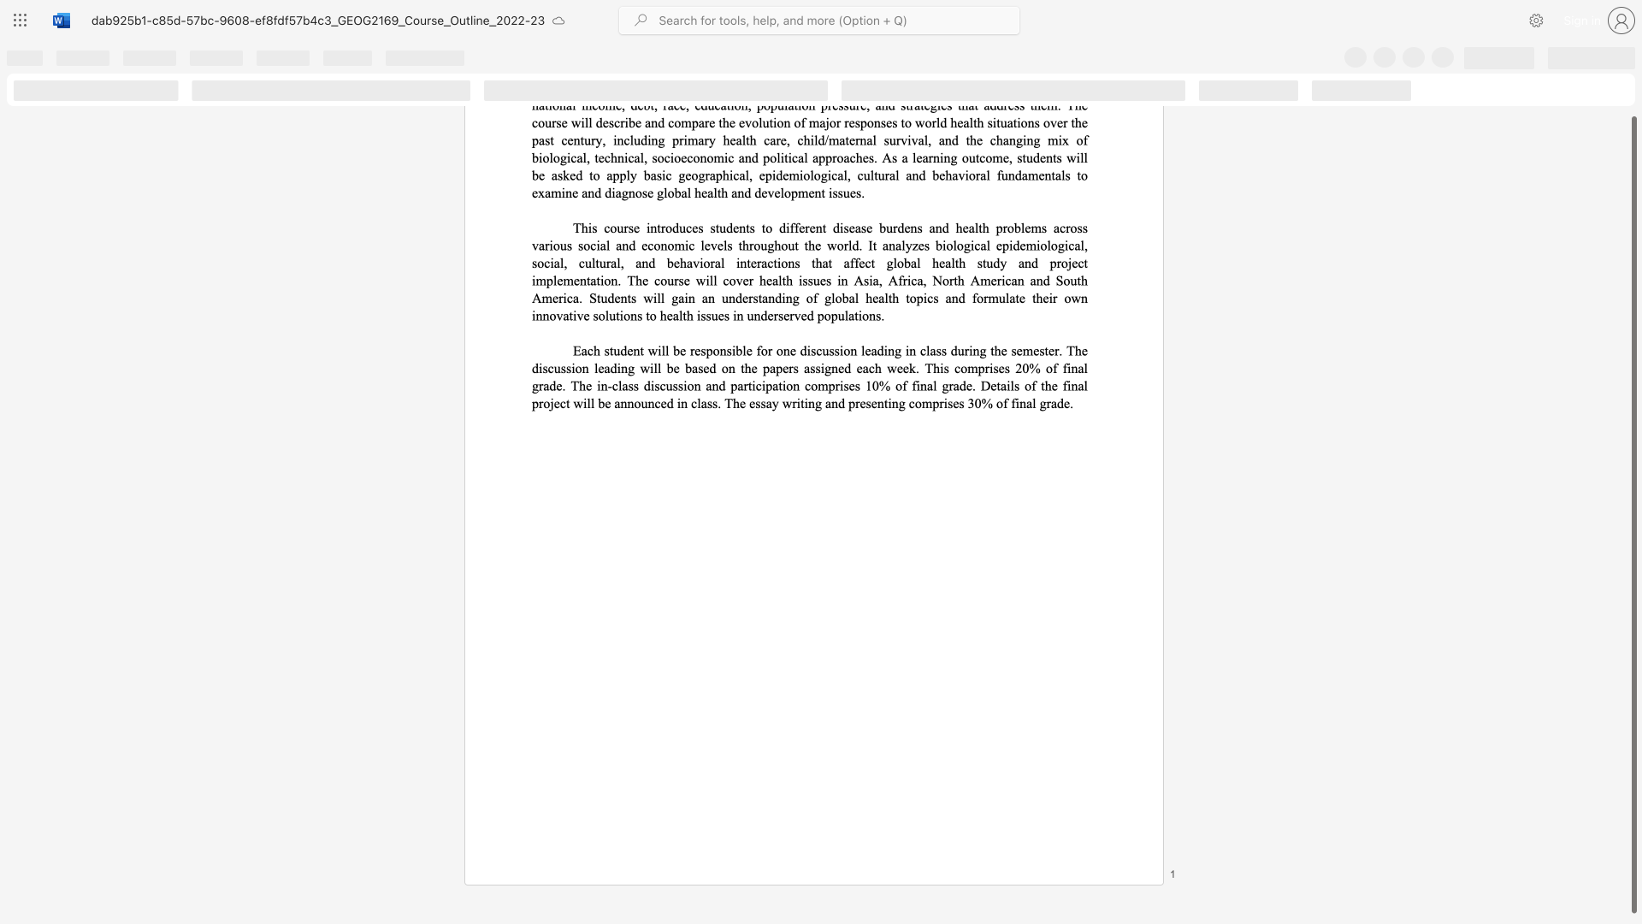  Describe the element at coordinates (1633, 513) in the screenshot. I see `the scrollbar and move up 20 pixels` at that location.